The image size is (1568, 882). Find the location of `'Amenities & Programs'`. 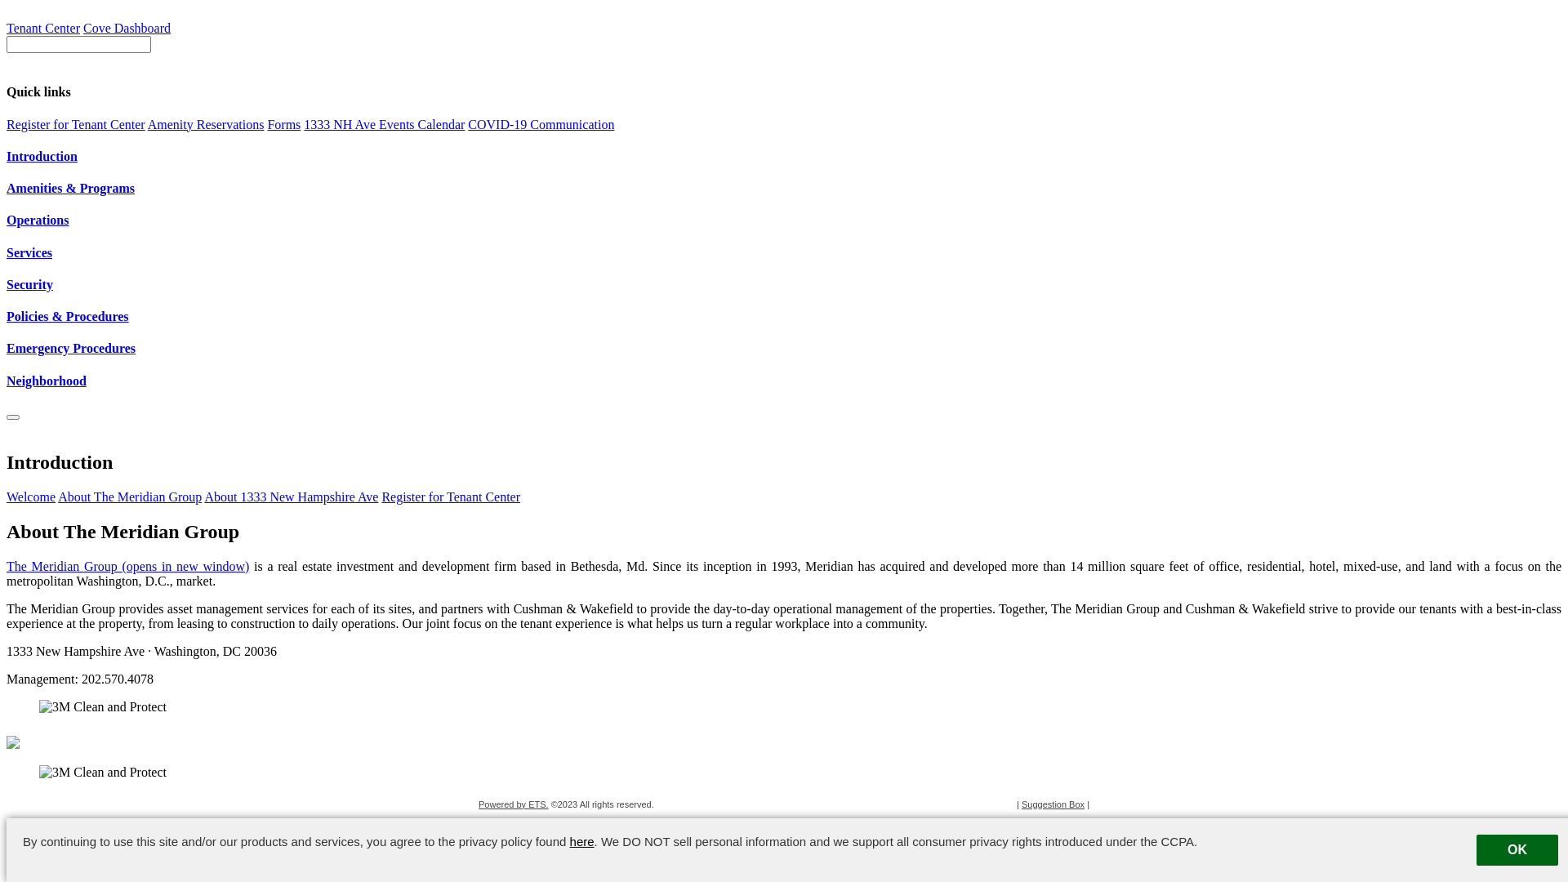

'Amenities & Programs' is located at coordinates (784, 188).